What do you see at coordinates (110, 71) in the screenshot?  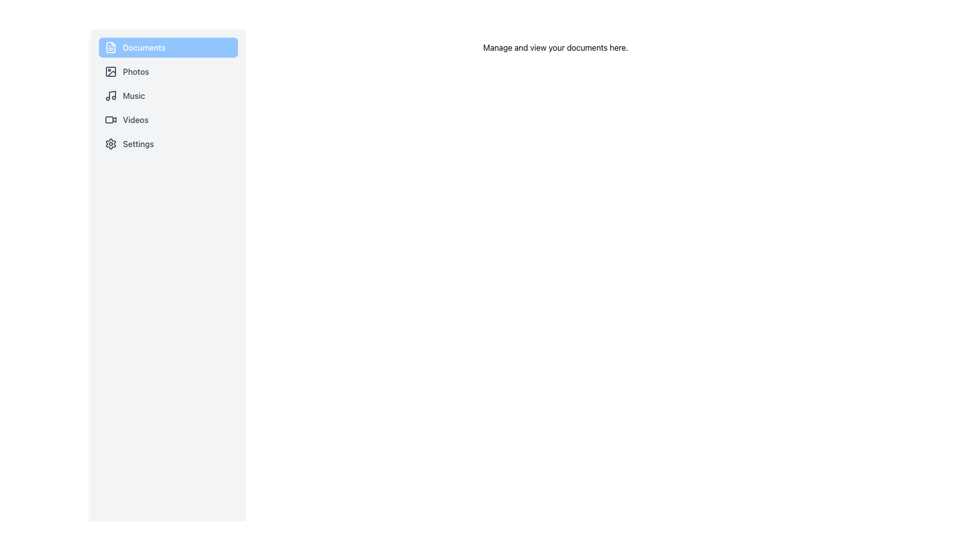 I see `the small icon resembling a stylized picture frame with a circular sun and a triangular mountain, located to the left of the 'Photos' text in the vertical navigation menu` at bounding box center [110, 71].